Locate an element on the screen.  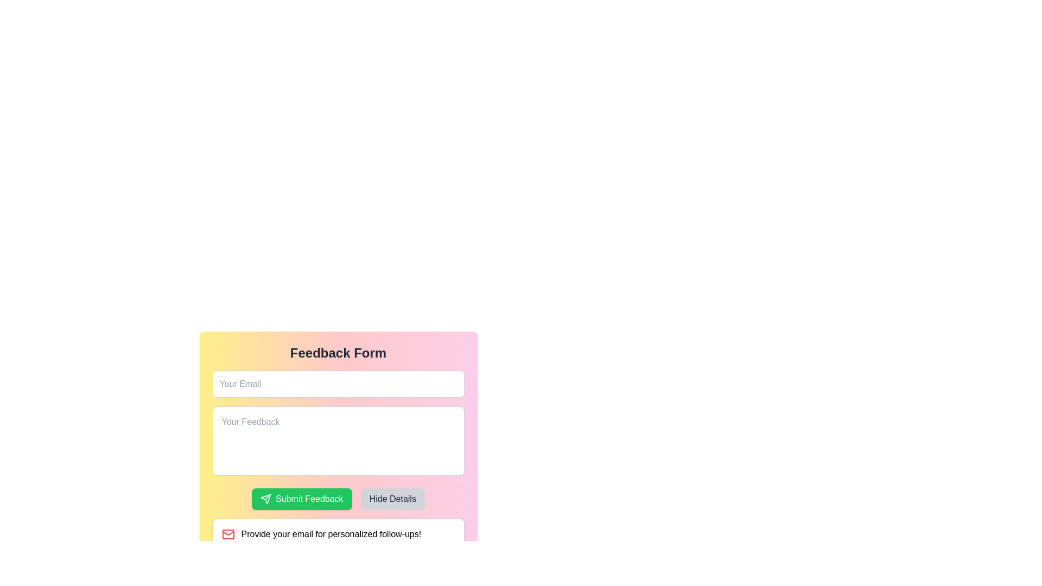
the second button in the form, positioned to the right of the green 'Submit Feedback' button, to observe a background color change is located at coordinates (392, 499).